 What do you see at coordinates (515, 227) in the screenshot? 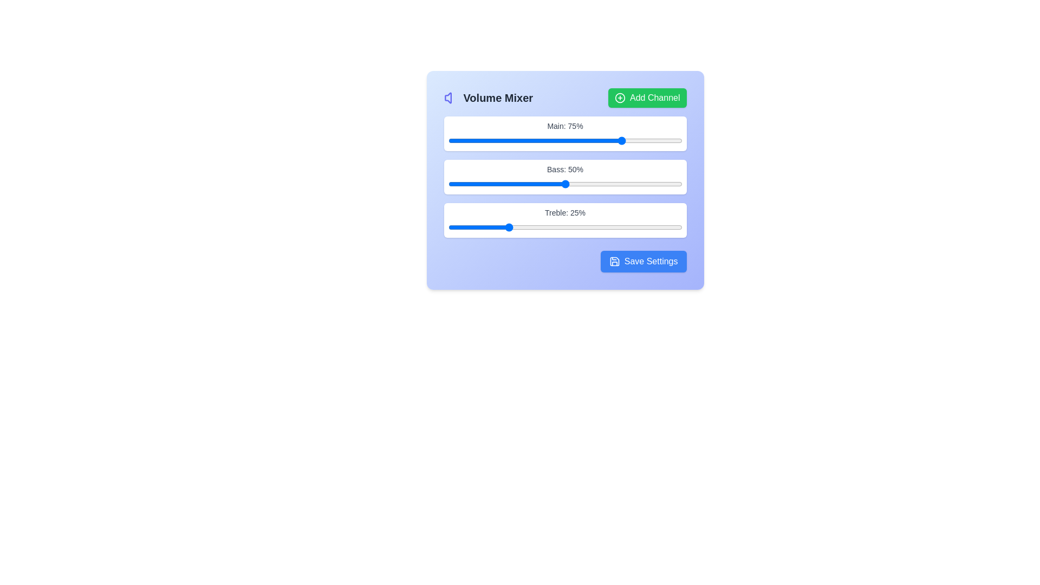
I see `treble` at bounding box center [515, 227].